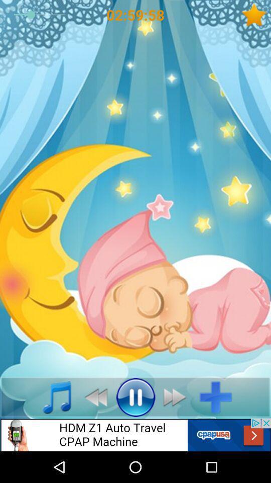 The image size is (271, 483). Describe the element at coordinates (93, 397) in the screenshot. I see `the av_rewind icon` at that location.